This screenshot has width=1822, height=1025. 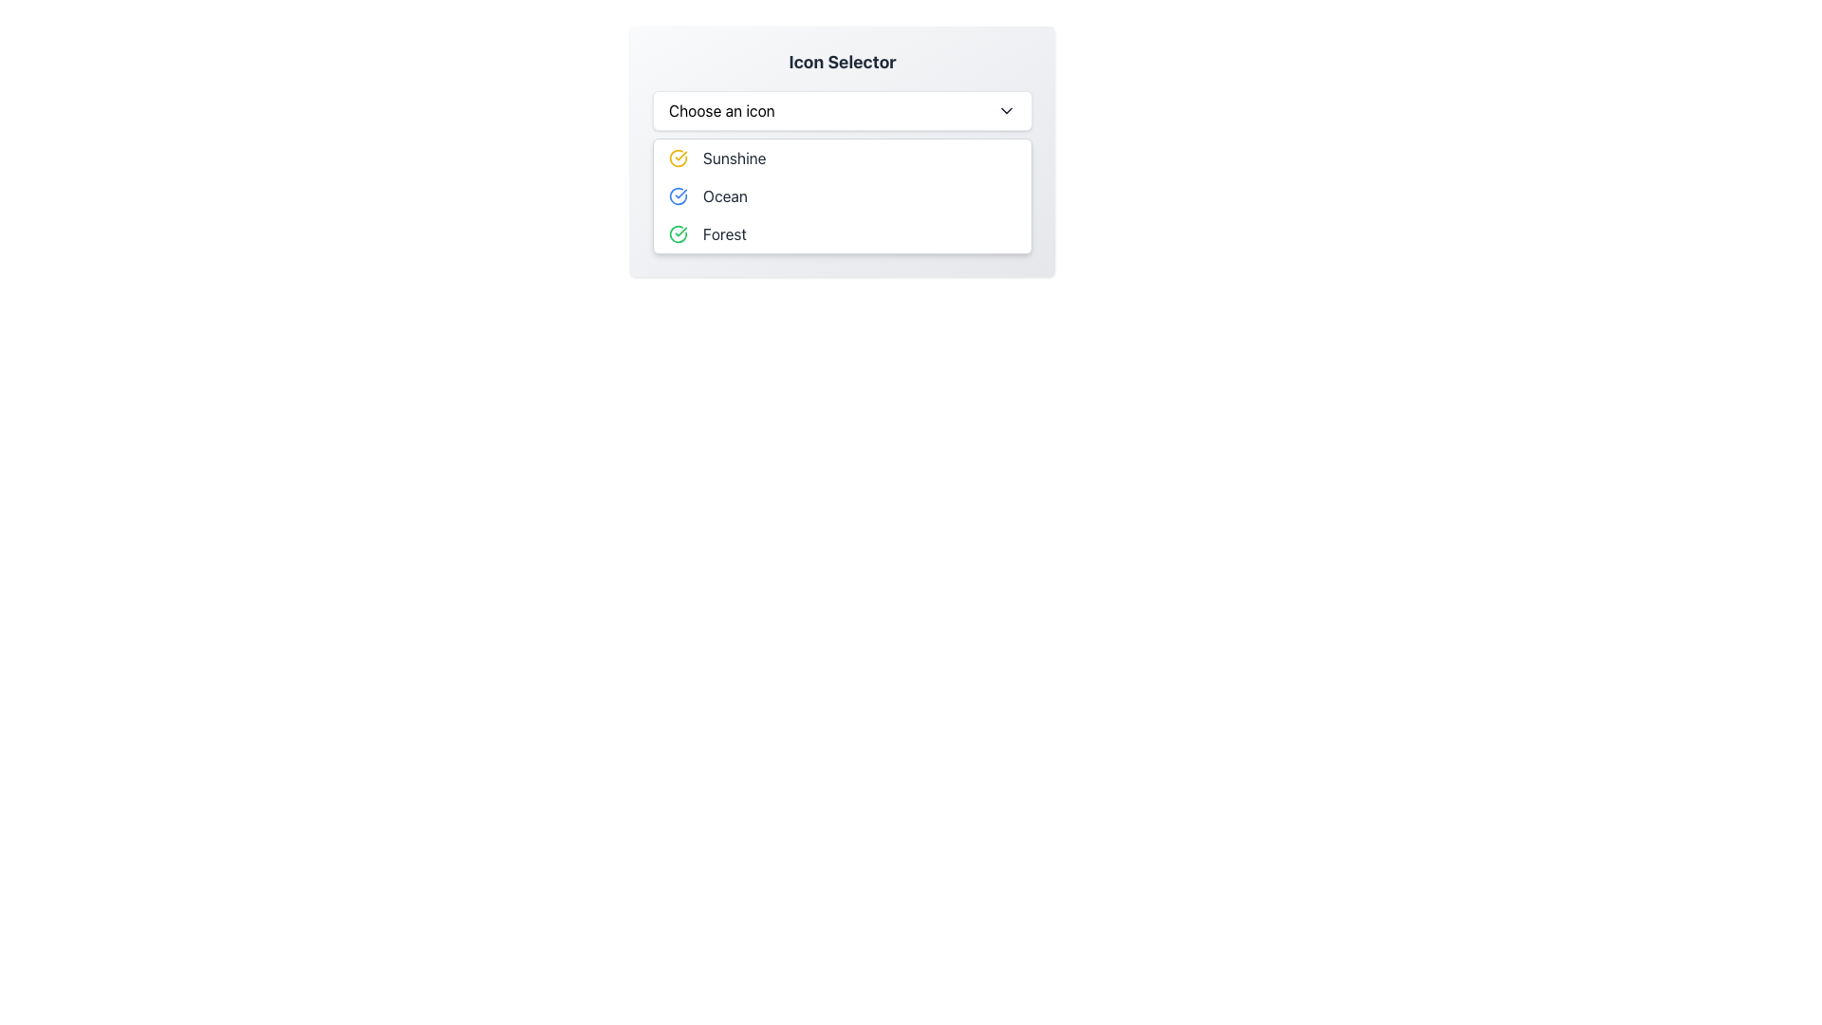 I want to click on the text label displaying 'Sunshine' in bold gray font, which is located to the right of a yellow circular checkmark icon, so click(x=734, y=157).